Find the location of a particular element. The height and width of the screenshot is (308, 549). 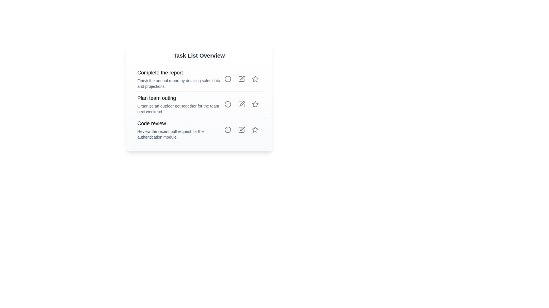

the green pencil icon button located next to the task 'Plan team outing' is located at coordinates (241, 104).